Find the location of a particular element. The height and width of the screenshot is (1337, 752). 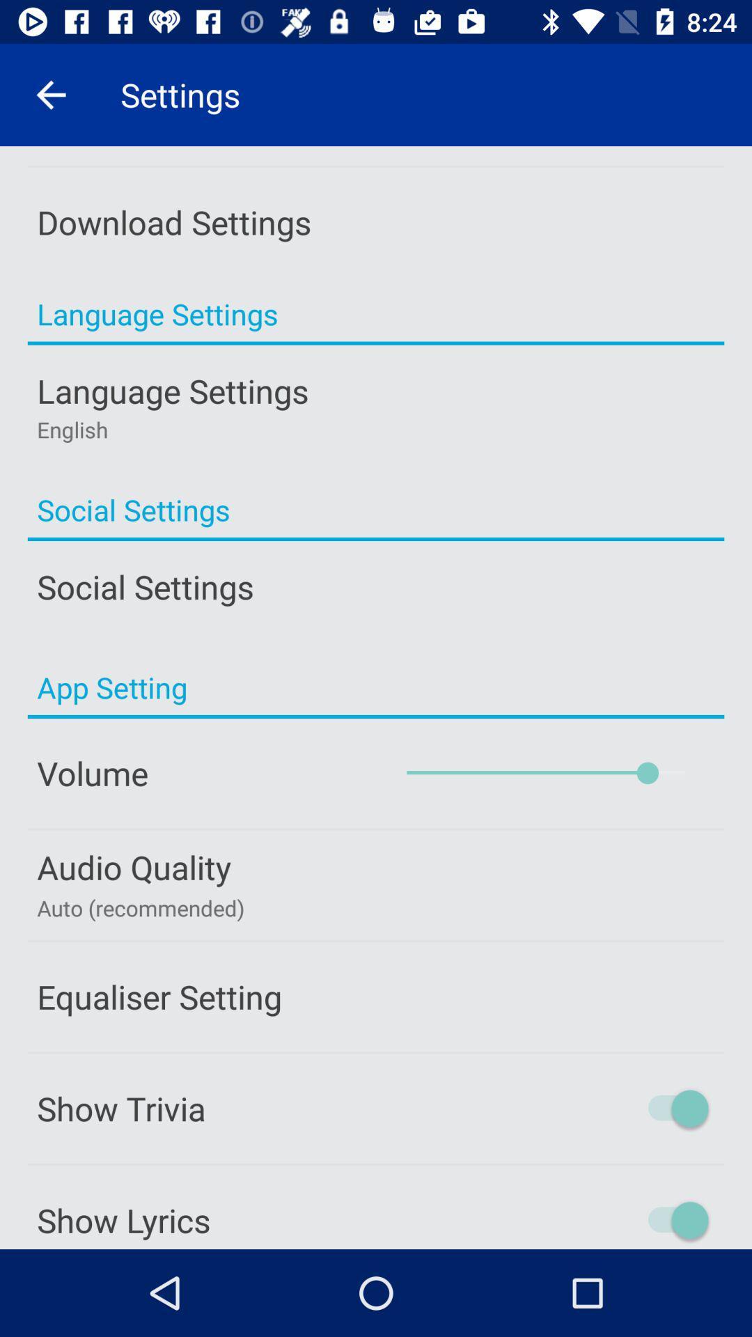

item to the left of settings icon is located at coordinates (50, 94).